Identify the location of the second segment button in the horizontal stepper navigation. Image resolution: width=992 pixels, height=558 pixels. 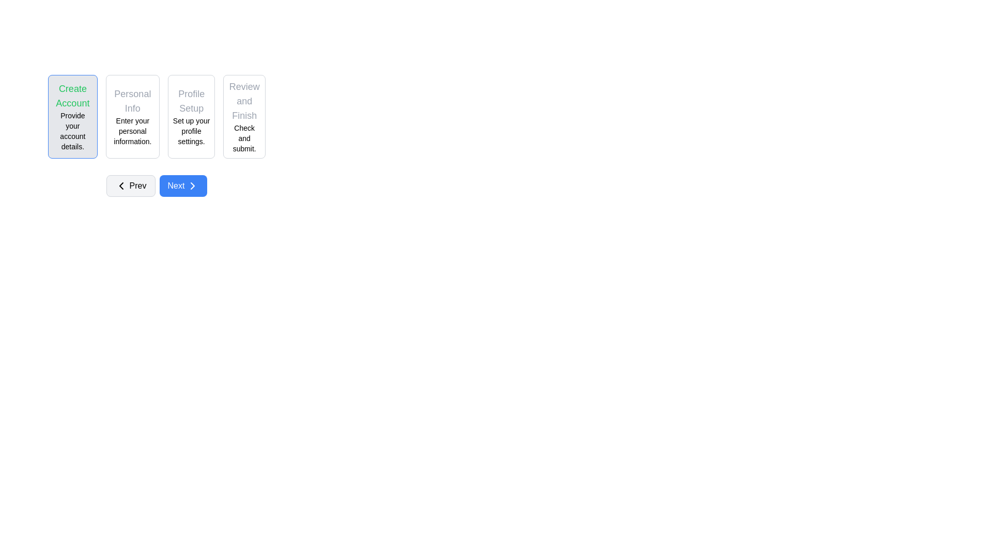
(132, 116).